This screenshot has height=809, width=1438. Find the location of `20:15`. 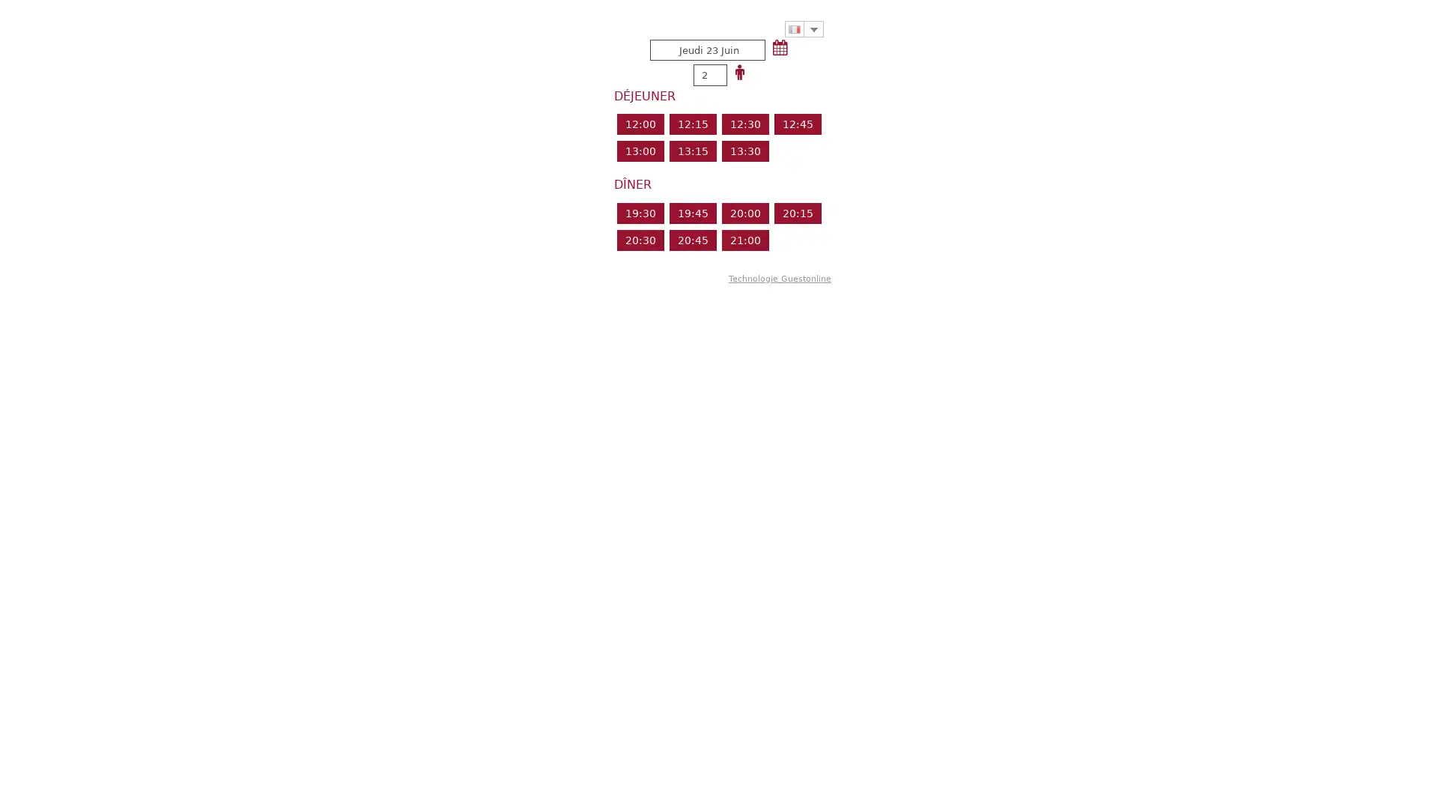

20:15 is located at coordinates (796, 213).